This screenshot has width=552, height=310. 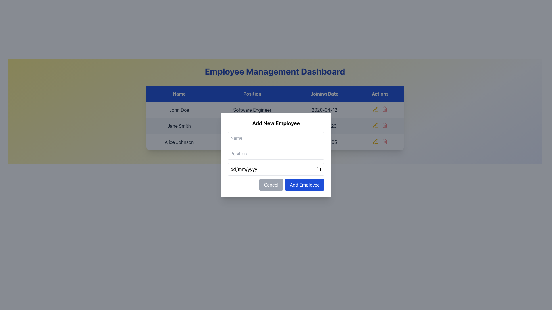 I want to click on the 'Cancel' button located in the lower section of the 'Add New Employee' modal dialogue to discard actions, so click(x=276, y=185).